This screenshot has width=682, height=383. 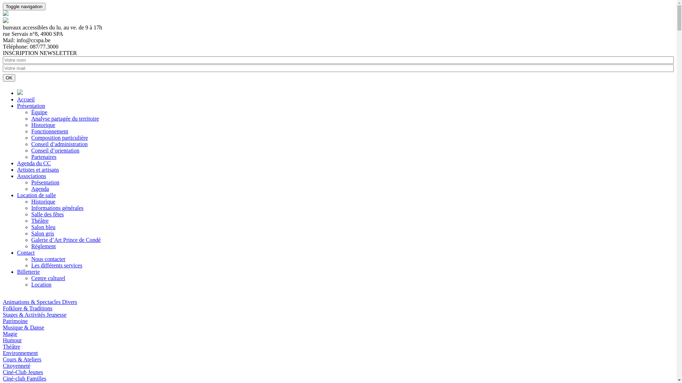 I want to click on 'Artistes et artisans', so click(x=37, y=170).